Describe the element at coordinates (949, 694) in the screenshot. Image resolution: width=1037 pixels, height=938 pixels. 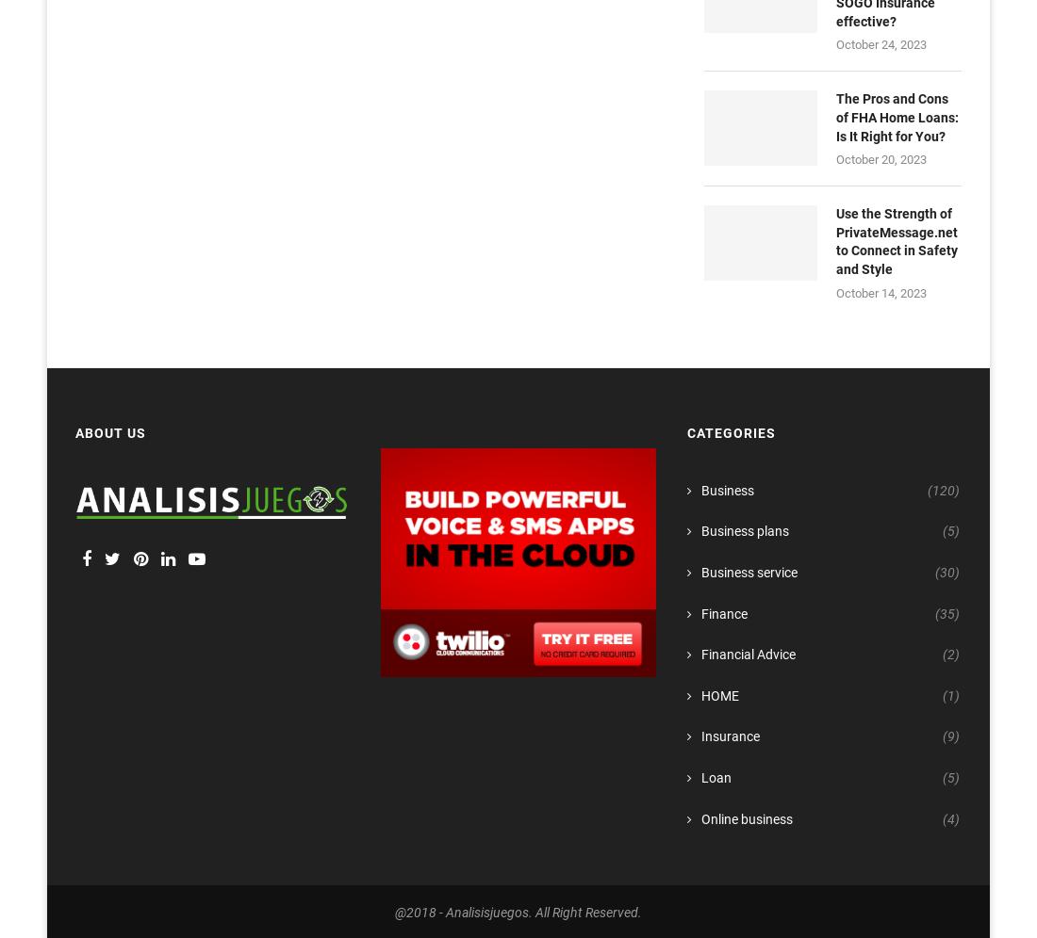
I see `'(1)'` at that location.